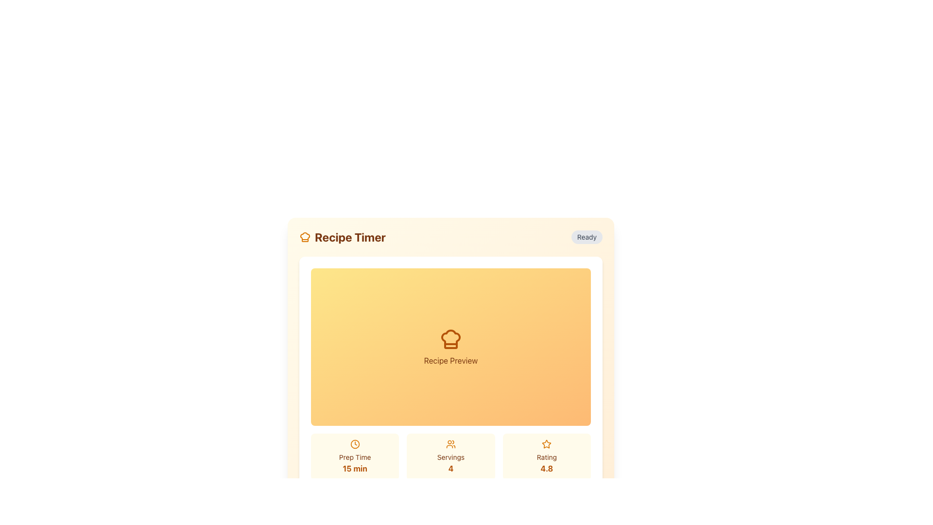 The image size is (933, 525). What do you see at coordinates (450, 339) in the screenshot?
I see `the chef's hat icon, which is a stylized representation with a brown stroke, located in the yellow-orange 'Recipe Preview' area below the 'Recipe Timer' title` at bounding box center [450, 339].